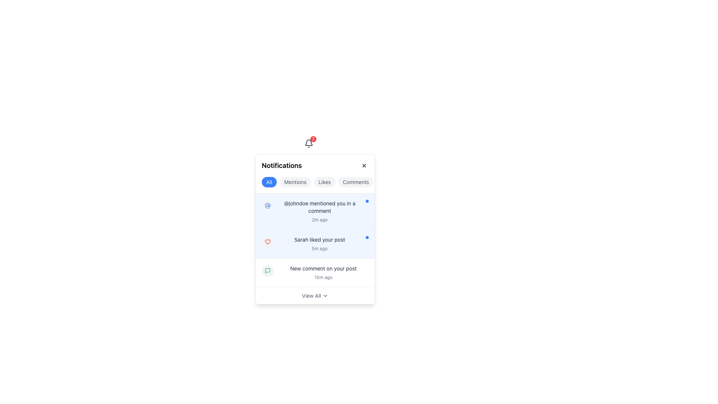  What do you see at coordinates (315, 174) in the screenshot?
I see `the 'Likes' button within the notification filter section to filter notifications by likes` at bounding box center [315, 174].